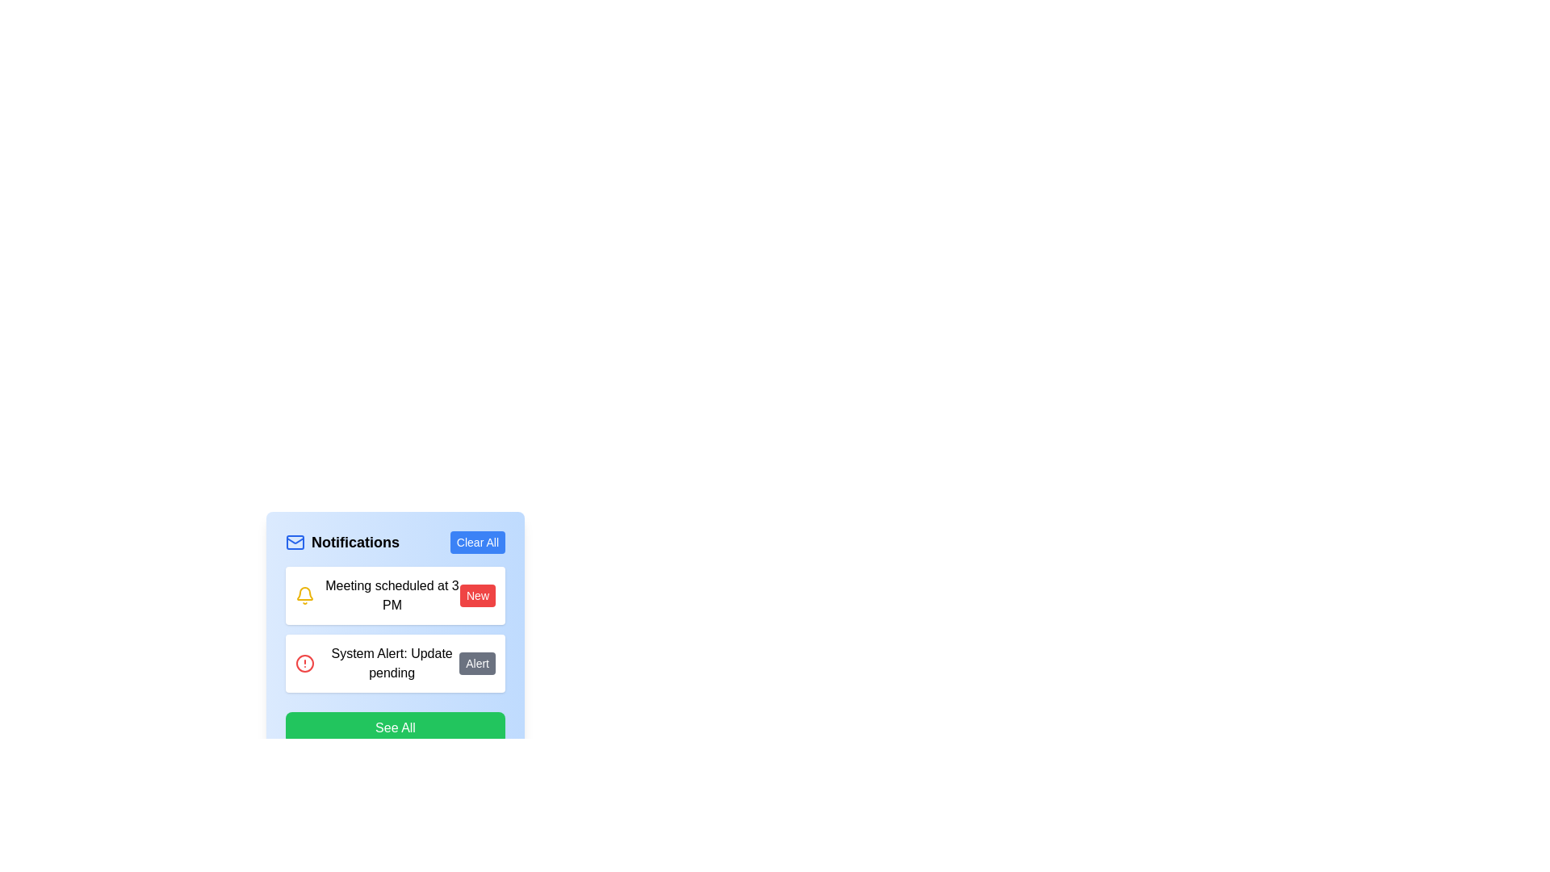 The height and width of the screenshot is (872, 1550). I want to click on the Notification card element that displays 'System Alert: Update pending', located just below the 'Meeting scheduled at 3 PM' card, so click(395, 663).